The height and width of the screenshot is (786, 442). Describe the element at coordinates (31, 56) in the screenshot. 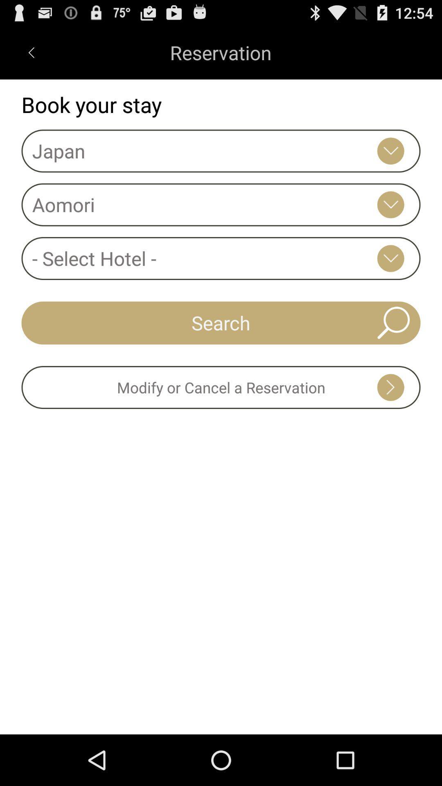

I see `the arrow_backward icon` at that location.